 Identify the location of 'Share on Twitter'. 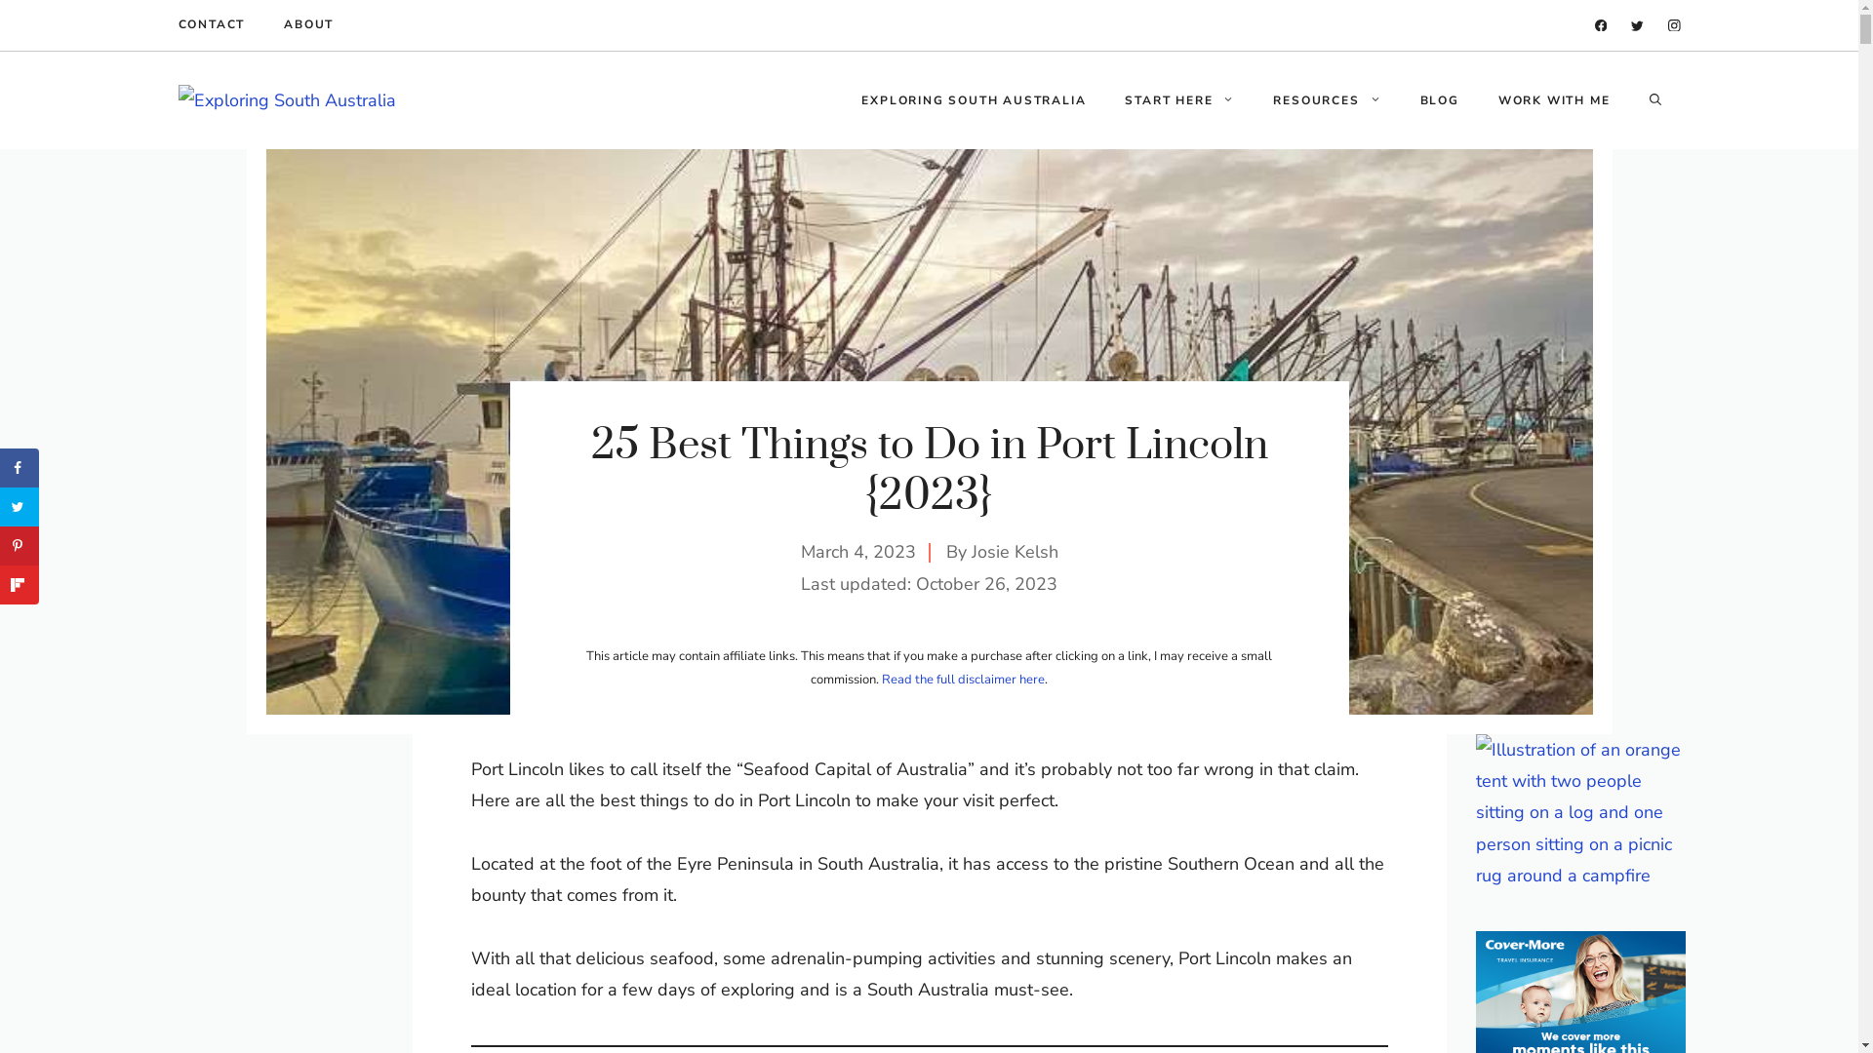
(0, 506).